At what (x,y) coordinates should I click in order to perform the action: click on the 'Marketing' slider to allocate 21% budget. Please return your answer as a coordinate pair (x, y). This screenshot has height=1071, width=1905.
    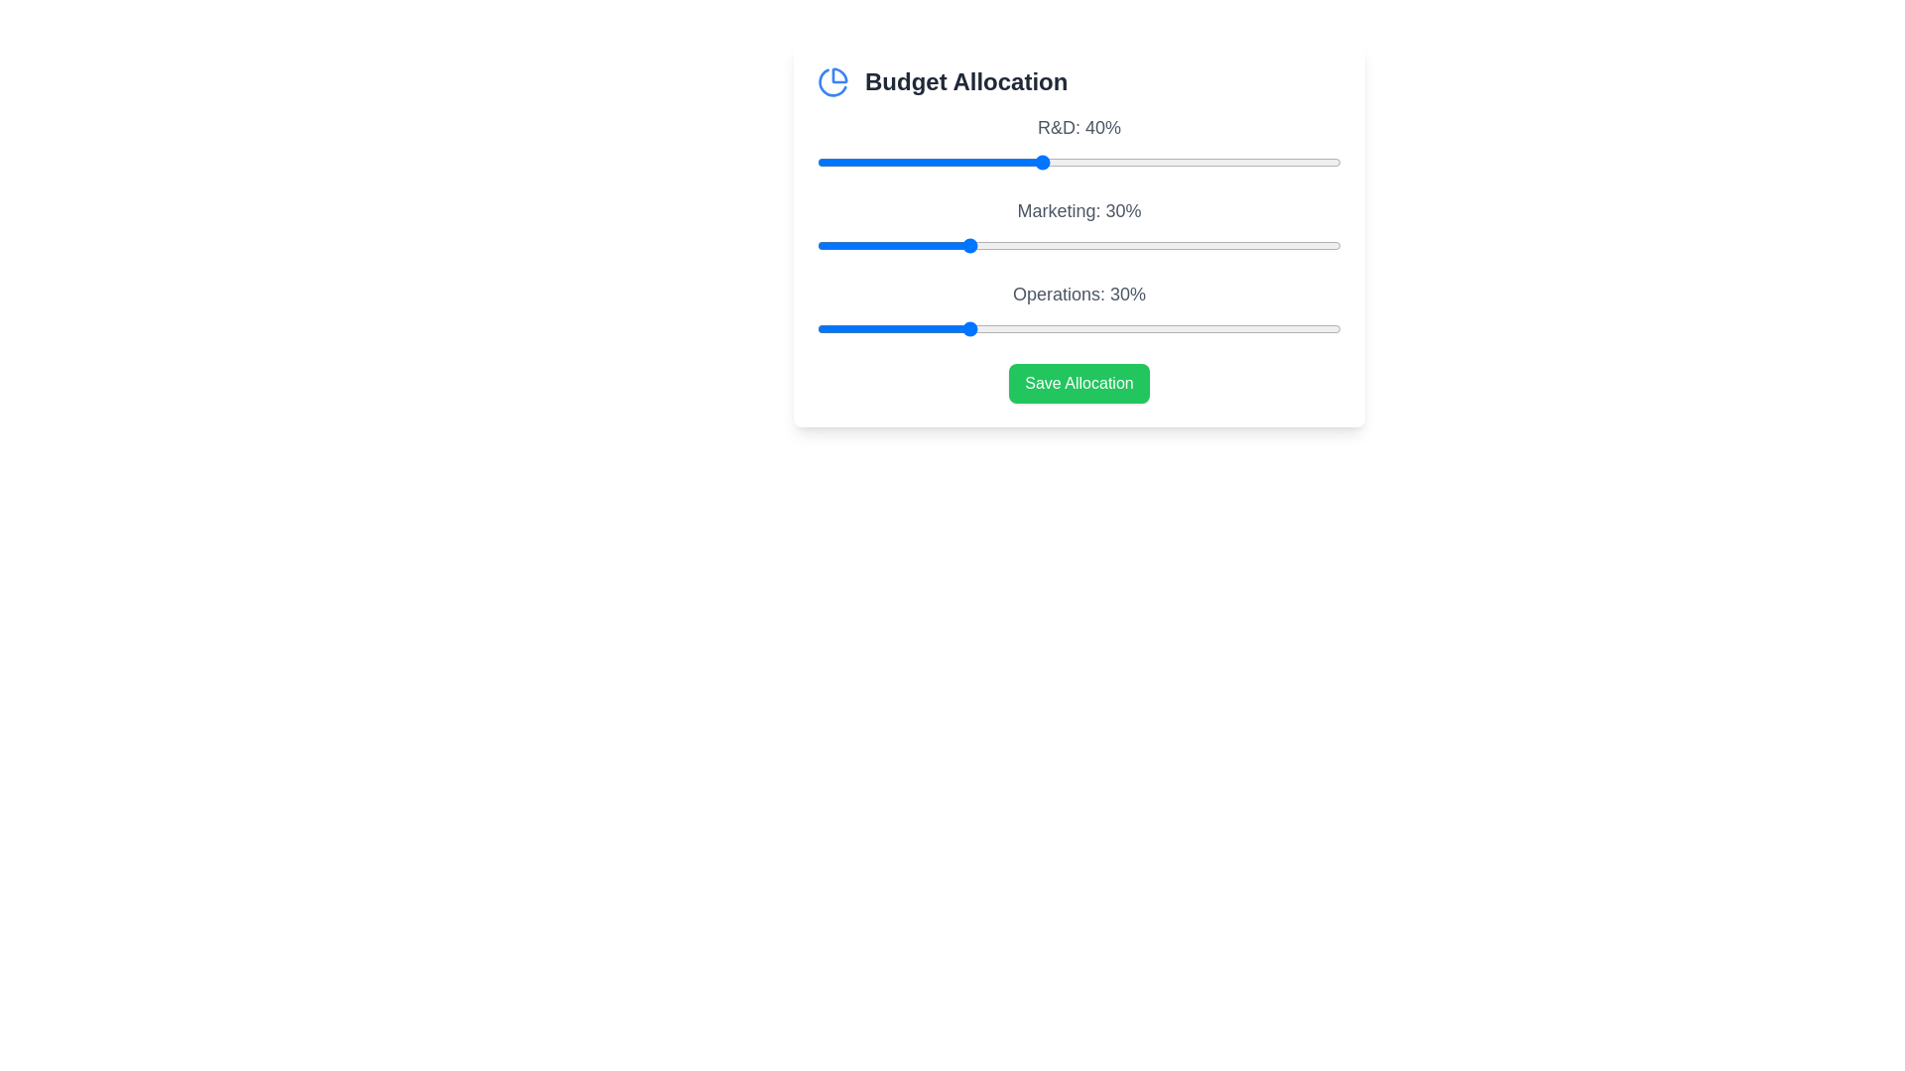
    Looking at the image, I should click on (899, 244).